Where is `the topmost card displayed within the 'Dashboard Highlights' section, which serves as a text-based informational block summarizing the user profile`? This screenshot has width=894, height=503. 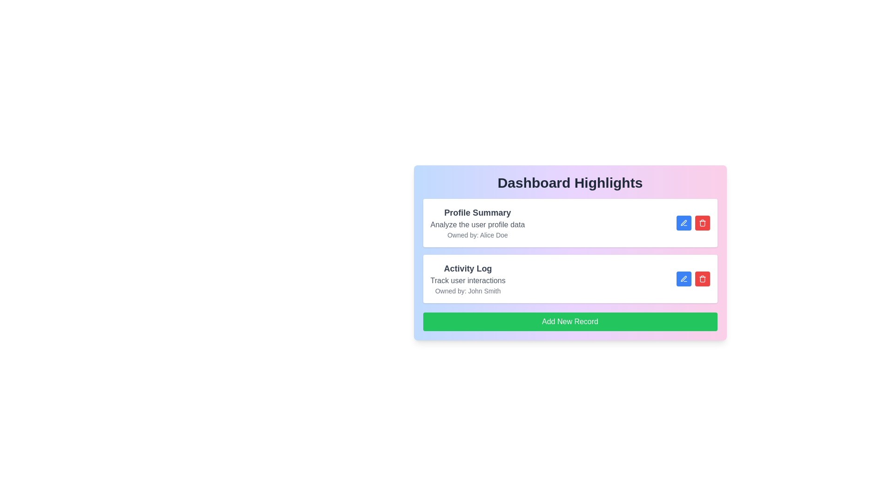
the topmost card displayed within the 'Dashboard Highlights' section, which serves as a text-based informational block summarizing the user profile is located at coordinates (477, 223).